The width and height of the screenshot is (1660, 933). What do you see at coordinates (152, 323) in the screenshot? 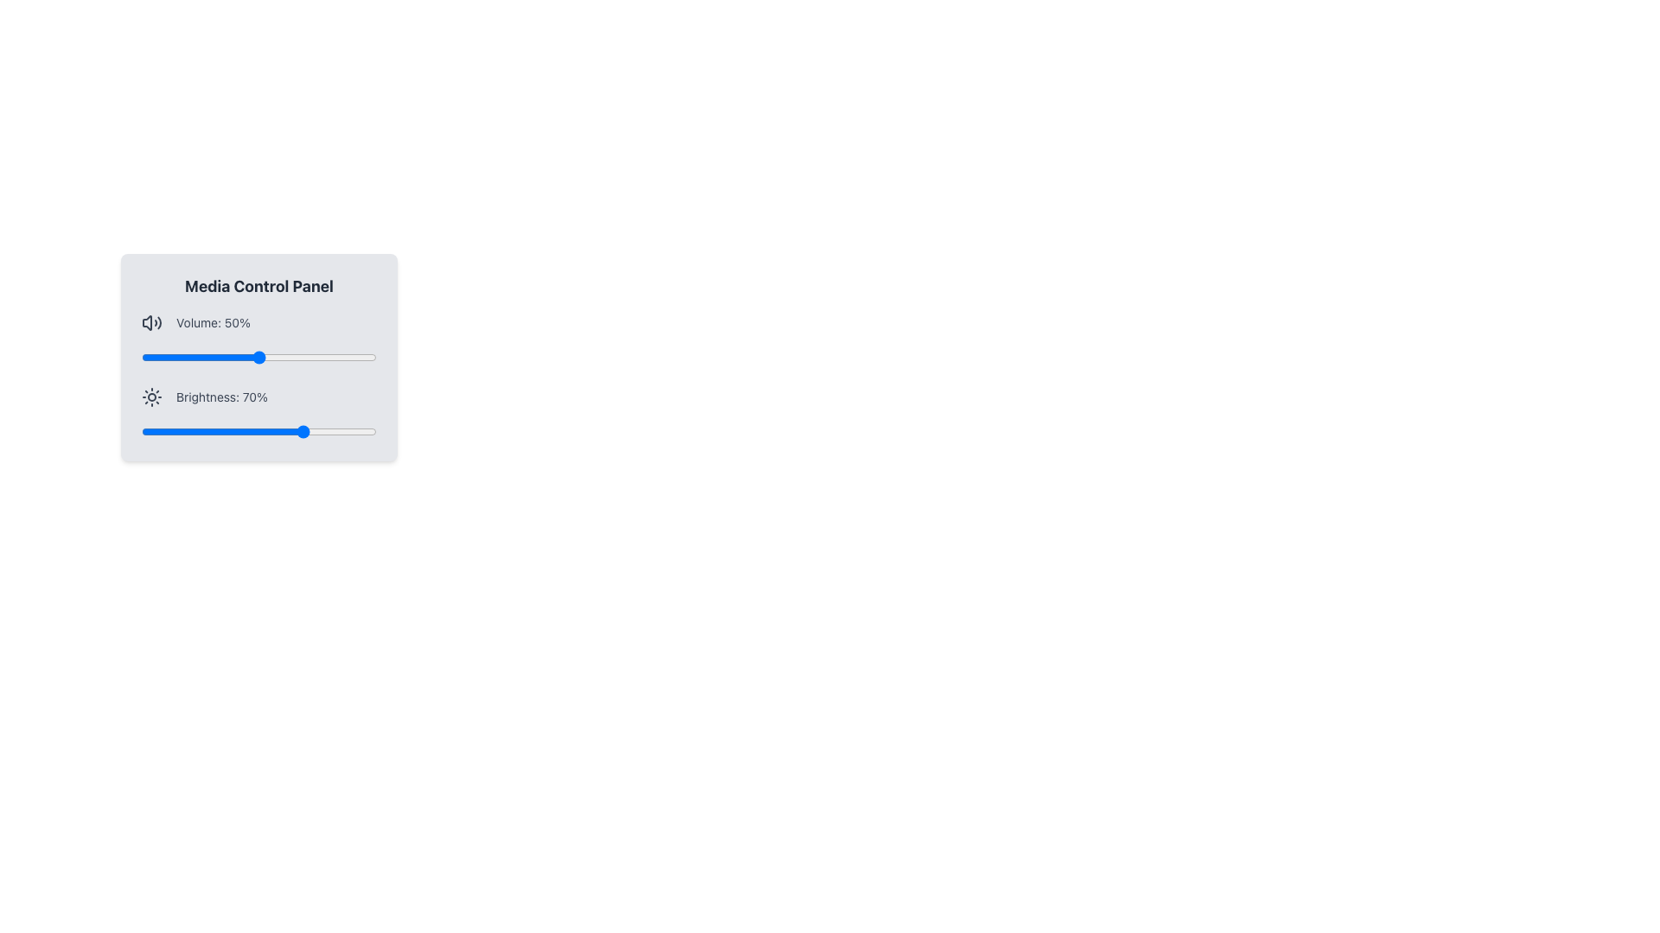
I see `the volume control icon located on the left end of the volume section in the media control panel` at bounding box center [152, 323].